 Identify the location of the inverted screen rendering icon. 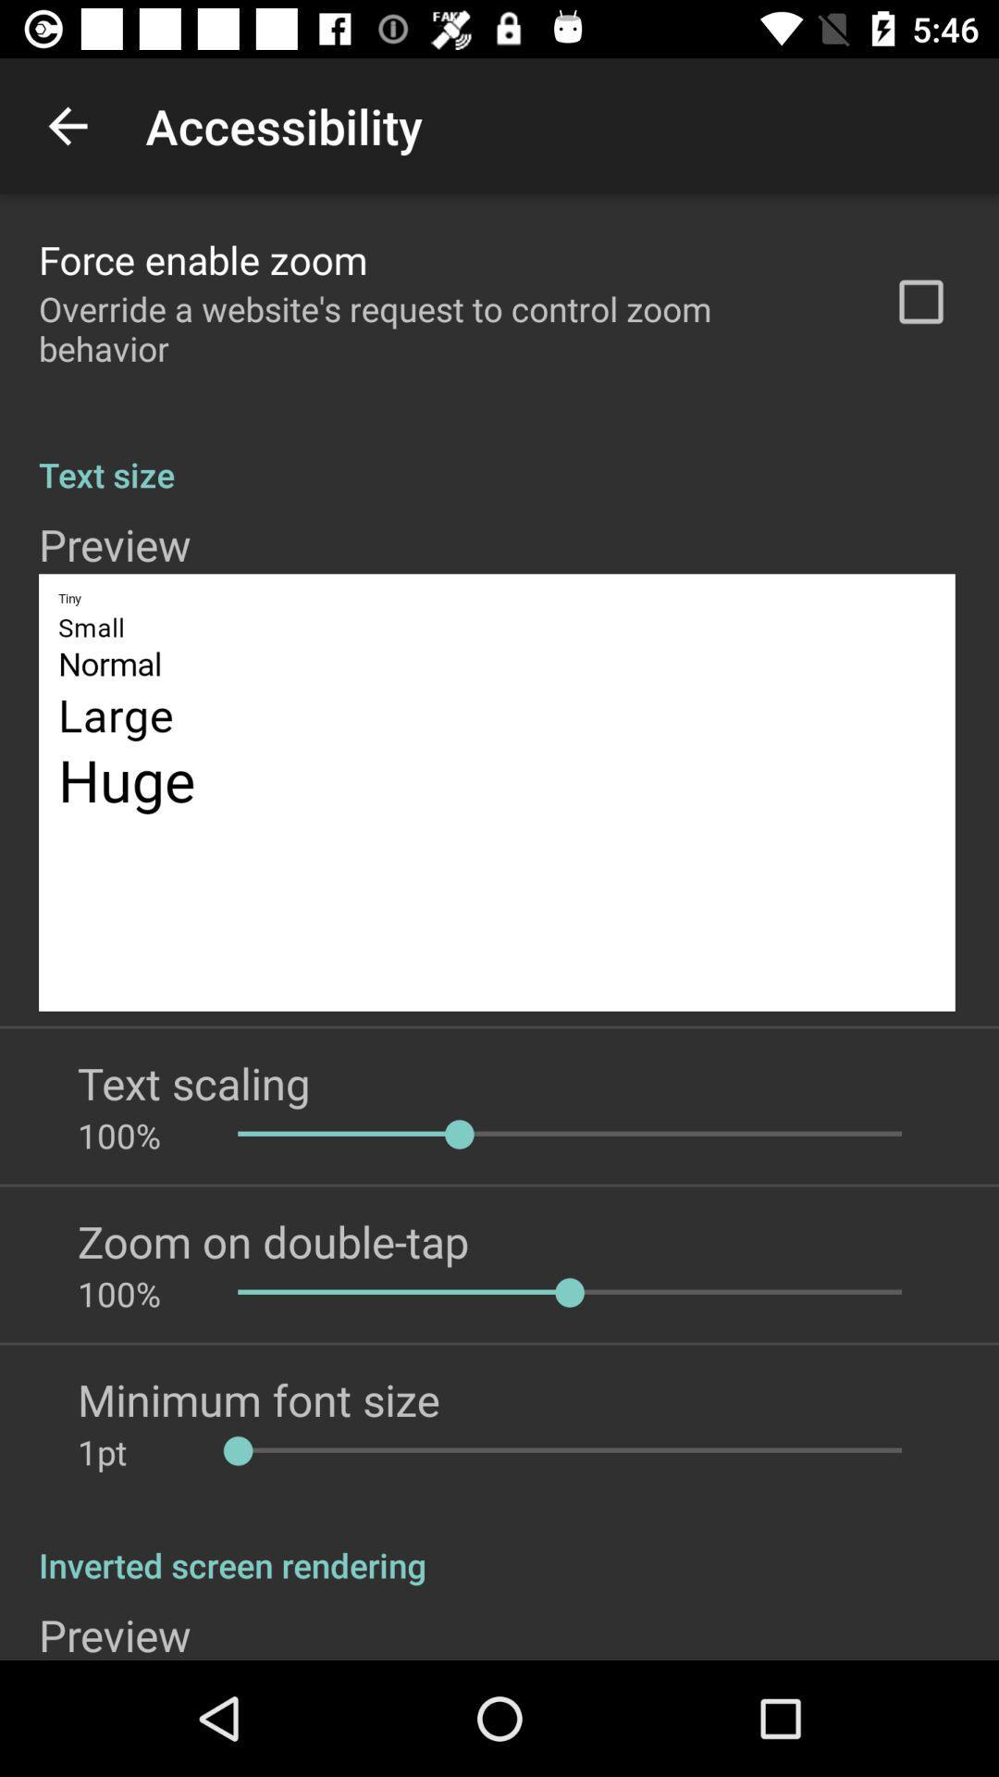
(499, 1546).